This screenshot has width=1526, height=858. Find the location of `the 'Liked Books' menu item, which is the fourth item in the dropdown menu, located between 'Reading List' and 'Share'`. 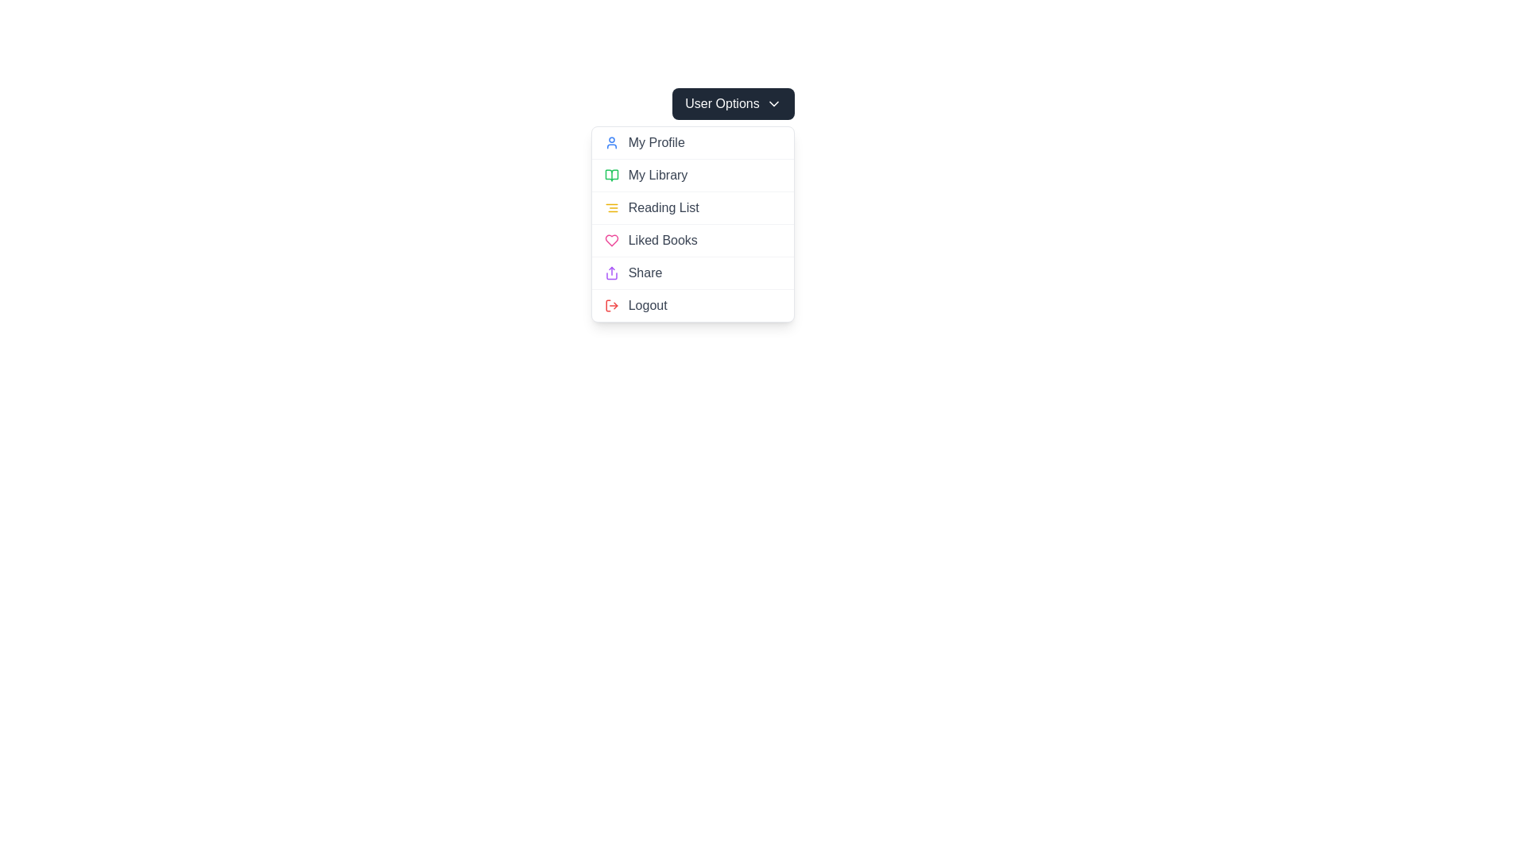

the 'Liked Books' menu item, which is the fourth item in the dropdown menu, located between 'Reading List' and 'Share' is located at coordinates (692, 240).